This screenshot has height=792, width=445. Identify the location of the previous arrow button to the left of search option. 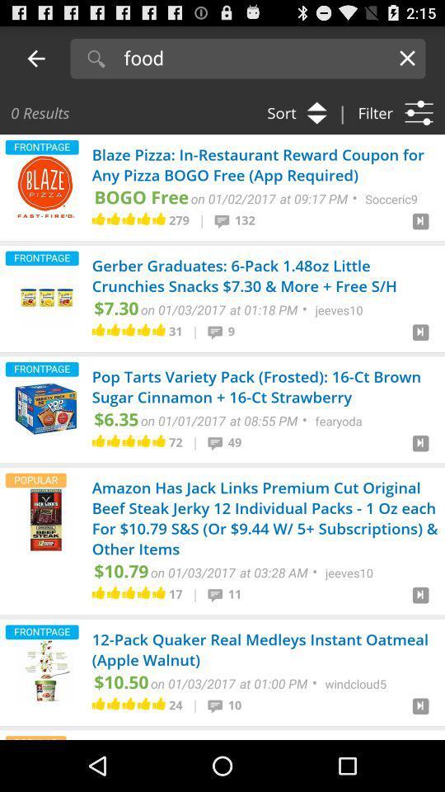
(36, 59).